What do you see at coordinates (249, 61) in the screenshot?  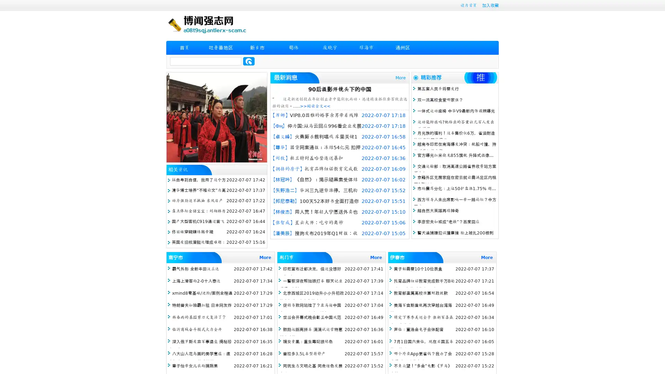 I see `Search` at bounding box center [249, 61].